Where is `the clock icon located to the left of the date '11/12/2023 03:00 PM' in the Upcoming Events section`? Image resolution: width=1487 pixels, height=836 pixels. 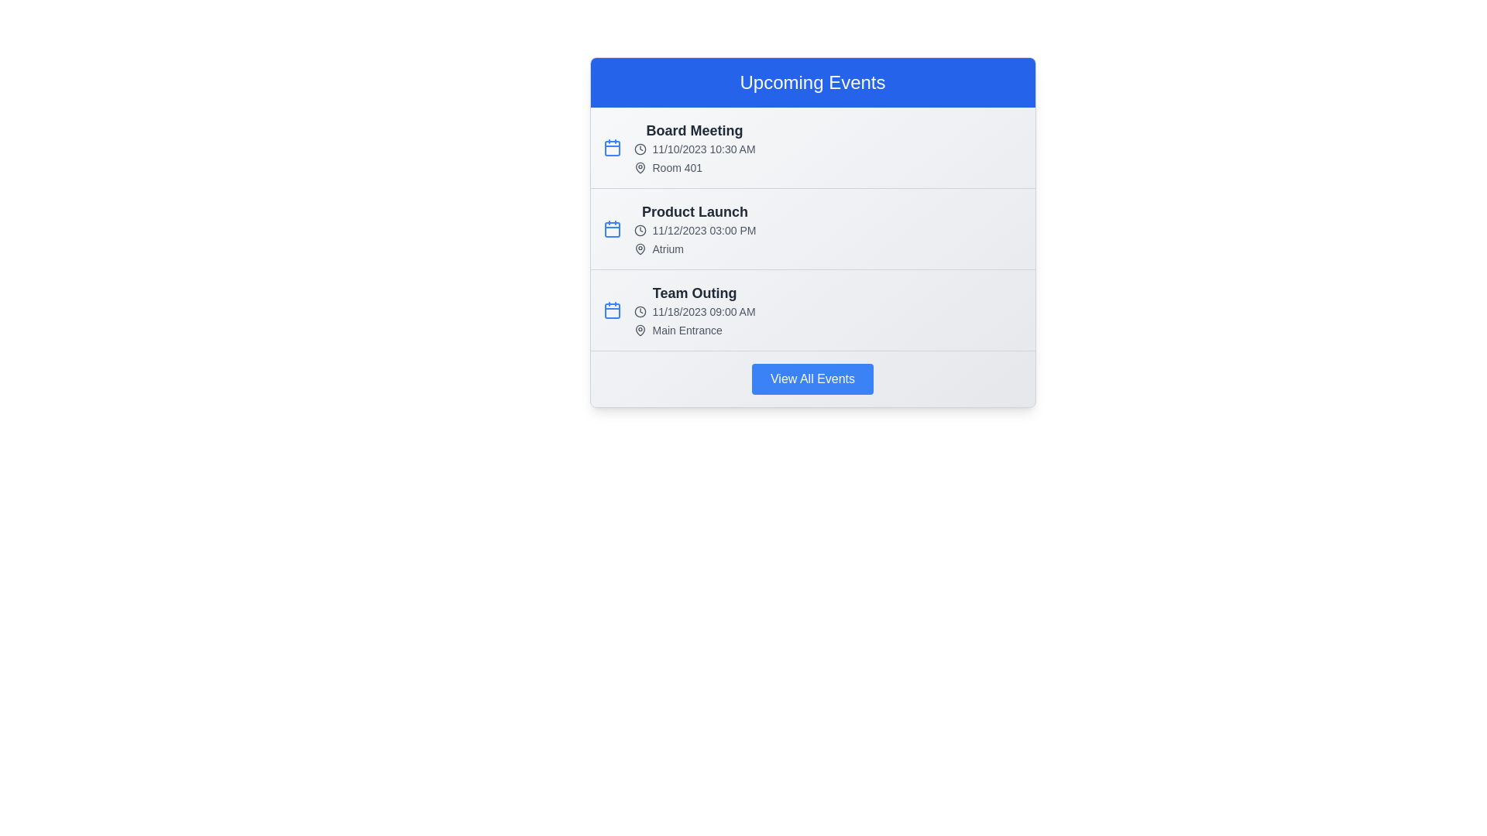 the clock icon located to the left of the date '11/12/2023 03:00 PM' in the Upcoming Events section is located at coordinates (640, 230).